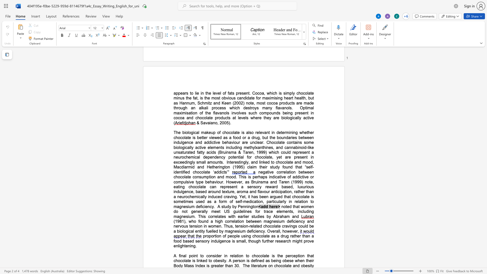 The height and width of the screenshot is (274, 487). What do you see at coordinates (220, 167) in the screenshot?
I see `the space between the continuous character "i" and "n" in the text` at bounding box center [220, 167].